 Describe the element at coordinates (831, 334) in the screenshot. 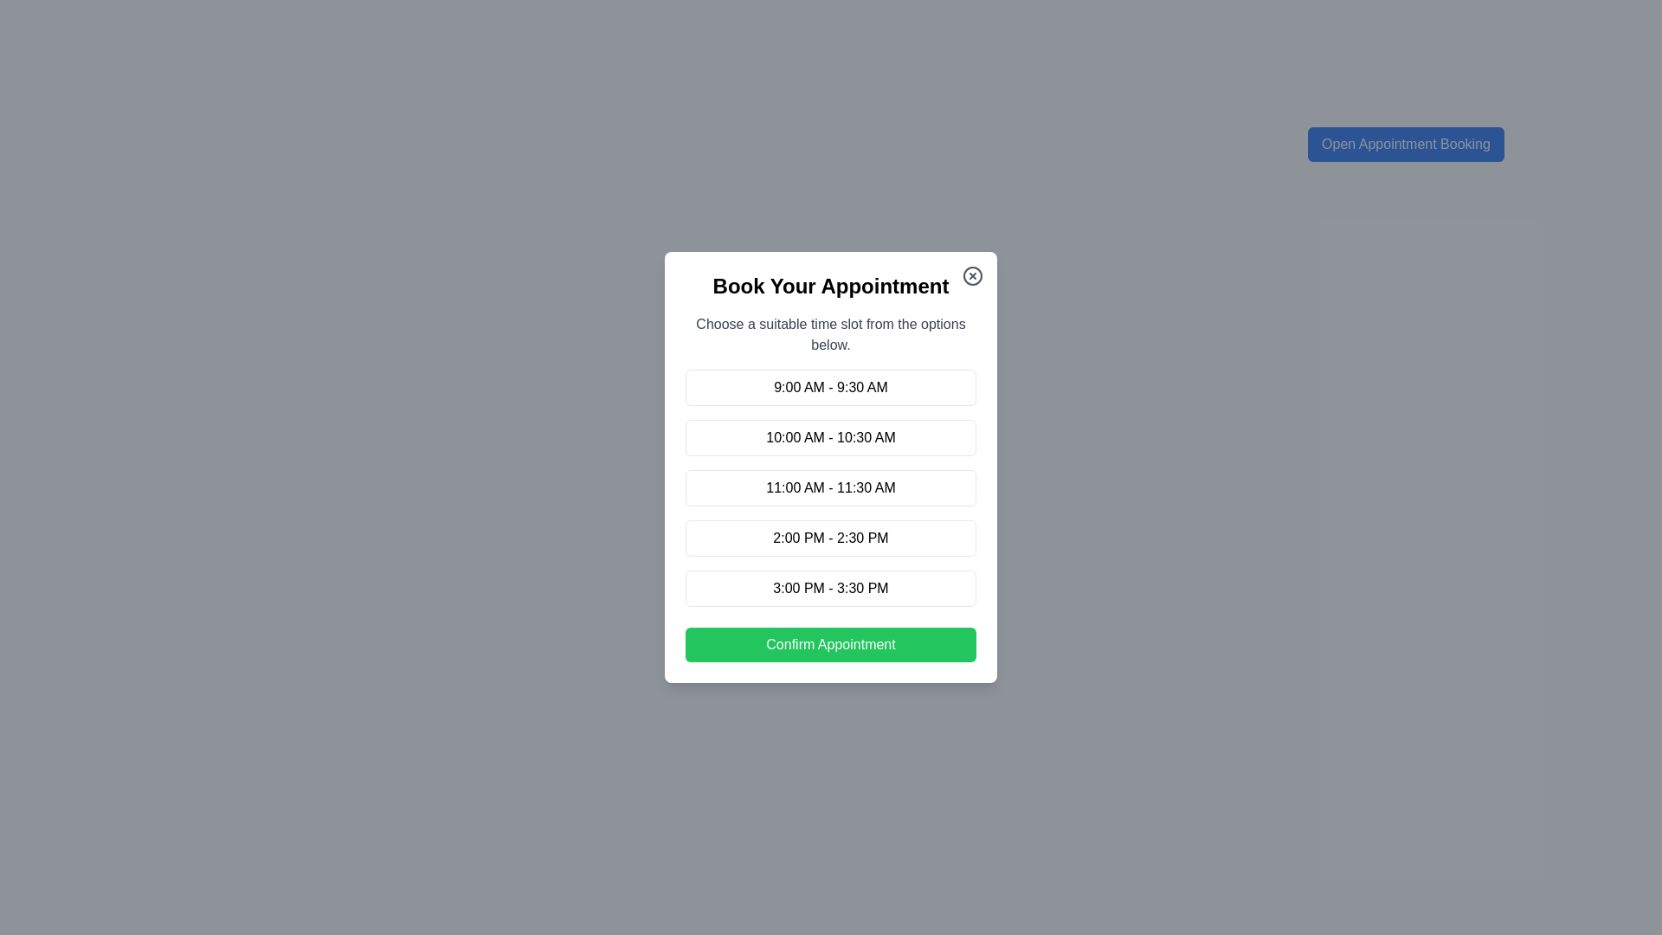

I see `instructional text block located below the title 'Book Your Appointment' and above the first time slot option '9:00 AM - 9:30 AM' in the modal dialog window` at that location.